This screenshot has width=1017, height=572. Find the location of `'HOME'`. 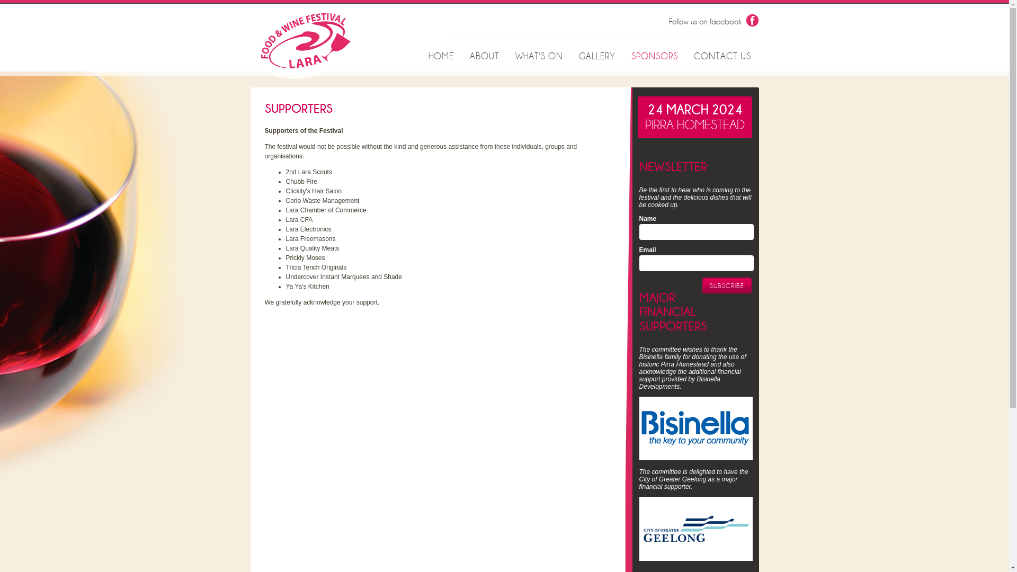

'HOME' is located at coordinates (441, 57).